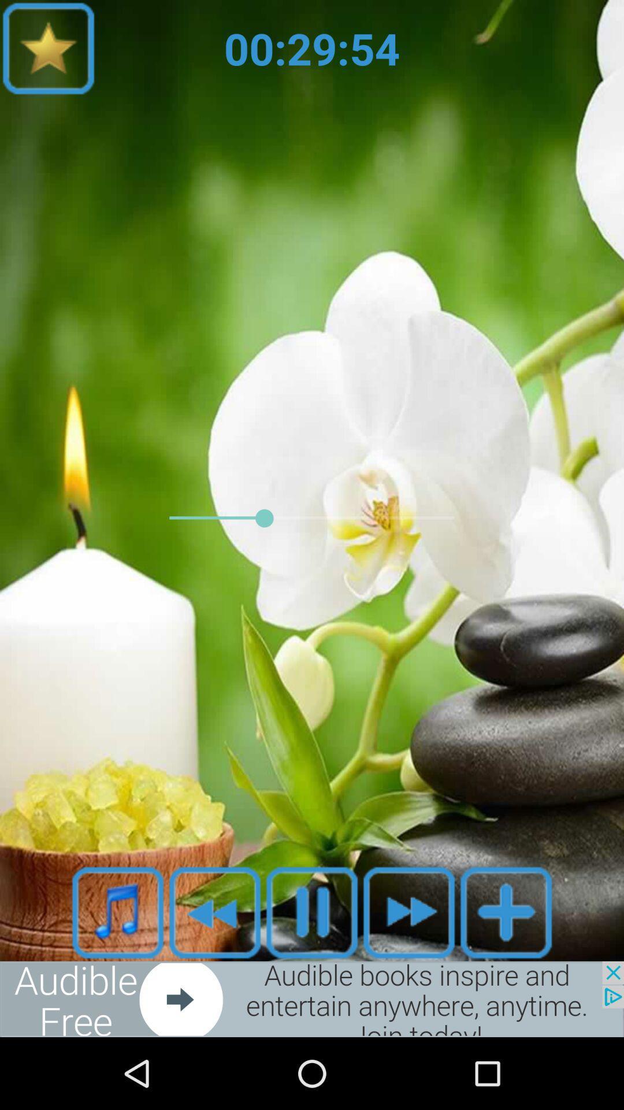 The image size is (624, 1110). Describe the element at coordinates (48, 47) in the screenshot. I see `the star icon` at that location.